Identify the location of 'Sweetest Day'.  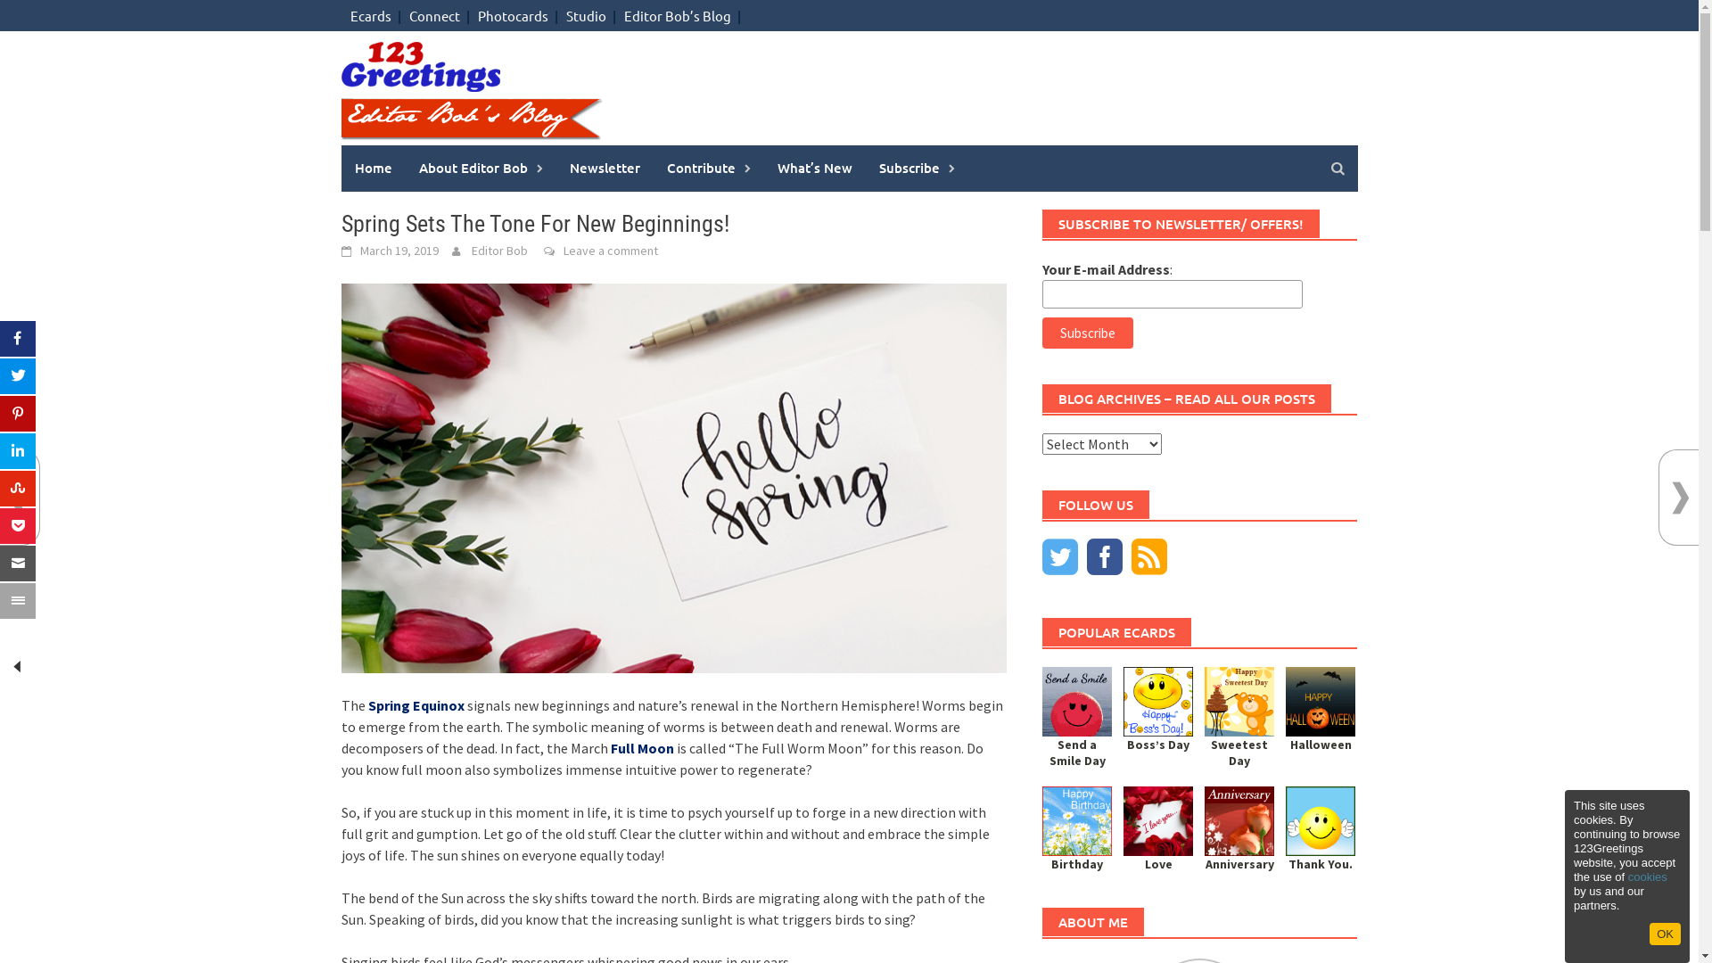
(1239, 753).